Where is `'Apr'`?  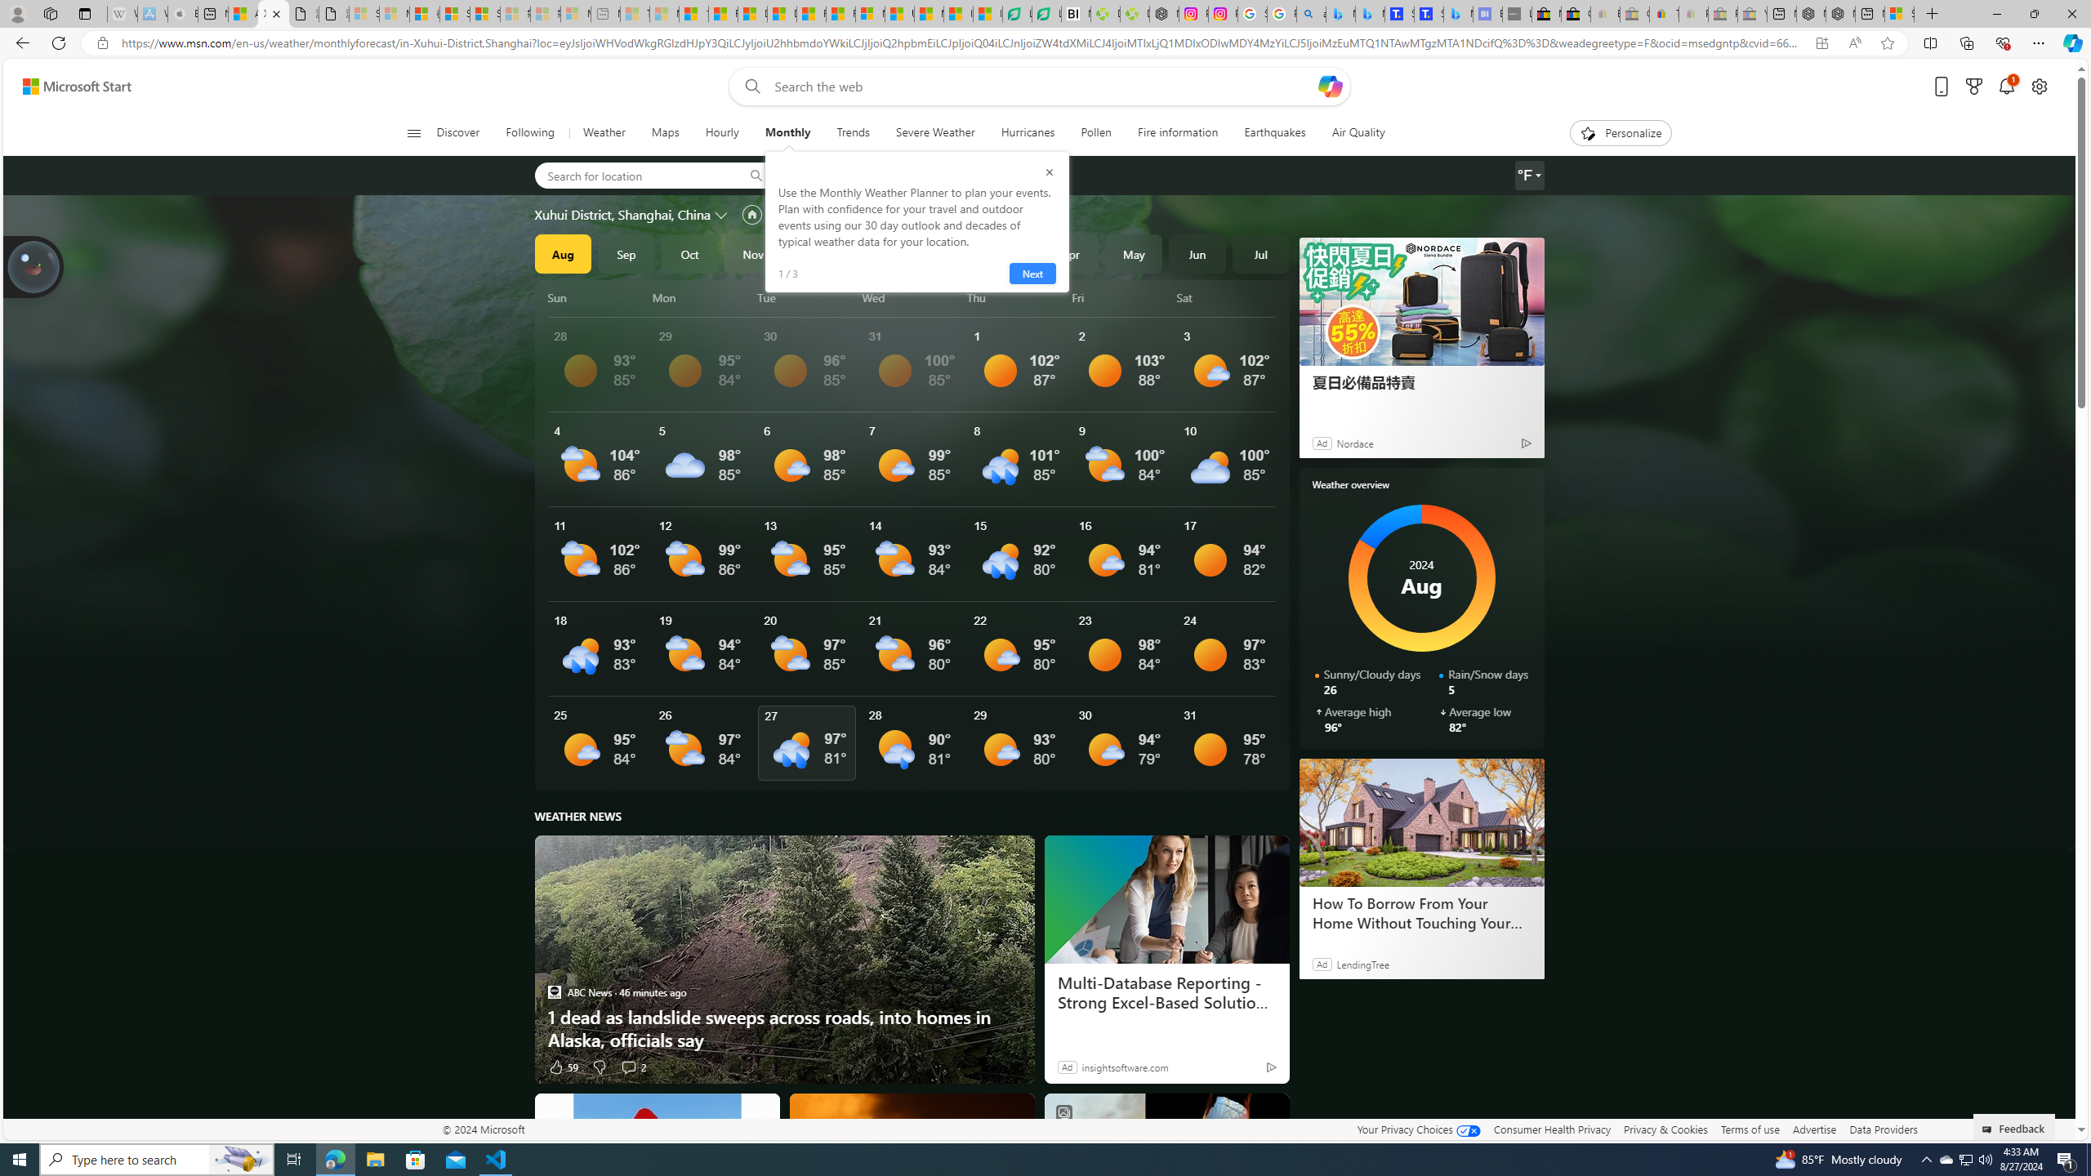 'Apr' is located at coordinates (1069, 253).